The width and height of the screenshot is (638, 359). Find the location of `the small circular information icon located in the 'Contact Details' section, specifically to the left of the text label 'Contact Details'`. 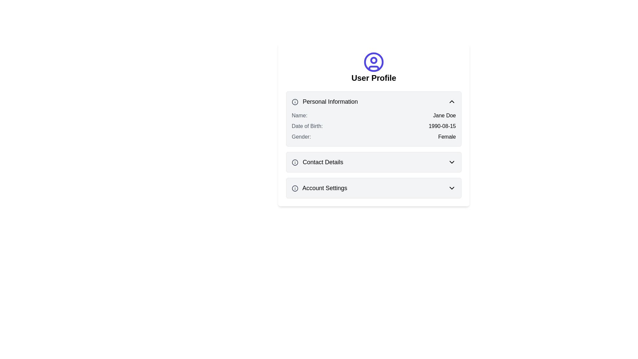

the small circular information icon located in the 'Contact Details' section, specifically to the left of the text label 'Contact Details' is located at coordinates (295, 163).